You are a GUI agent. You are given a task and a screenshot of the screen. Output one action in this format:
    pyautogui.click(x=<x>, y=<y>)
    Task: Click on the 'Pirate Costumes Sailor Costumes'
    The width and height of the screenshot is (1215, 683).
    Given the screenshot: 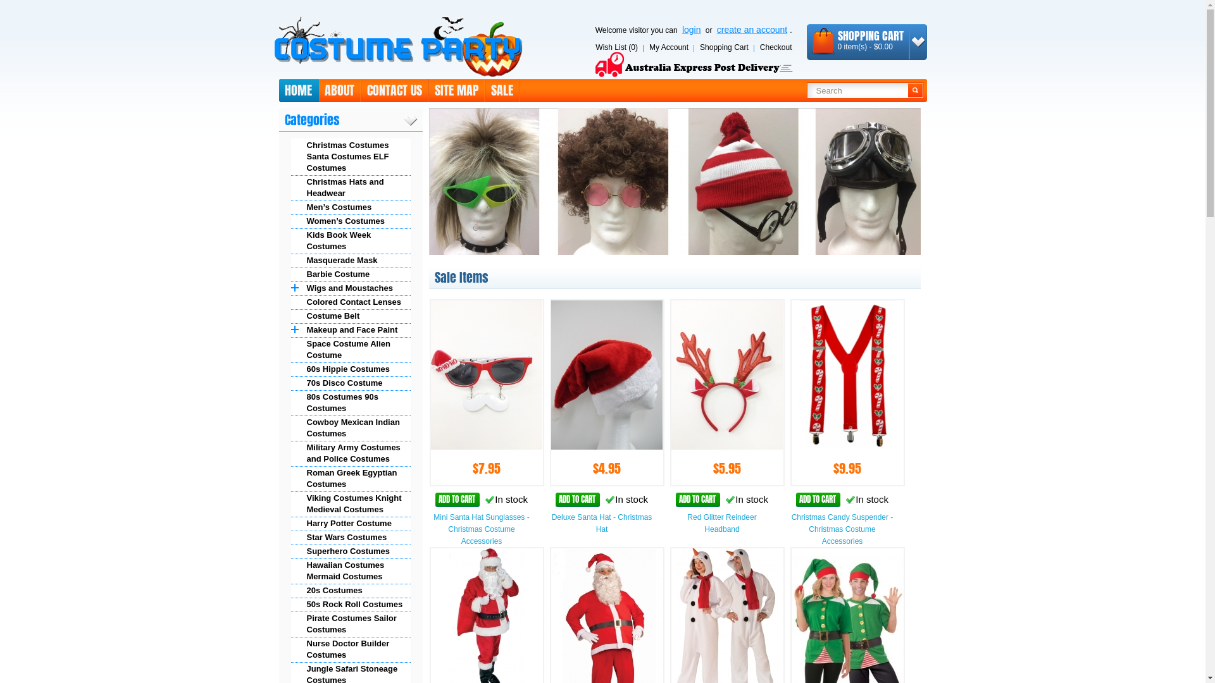 What is the action you would take?
    pyautogui.click(x=290, y=624)
    